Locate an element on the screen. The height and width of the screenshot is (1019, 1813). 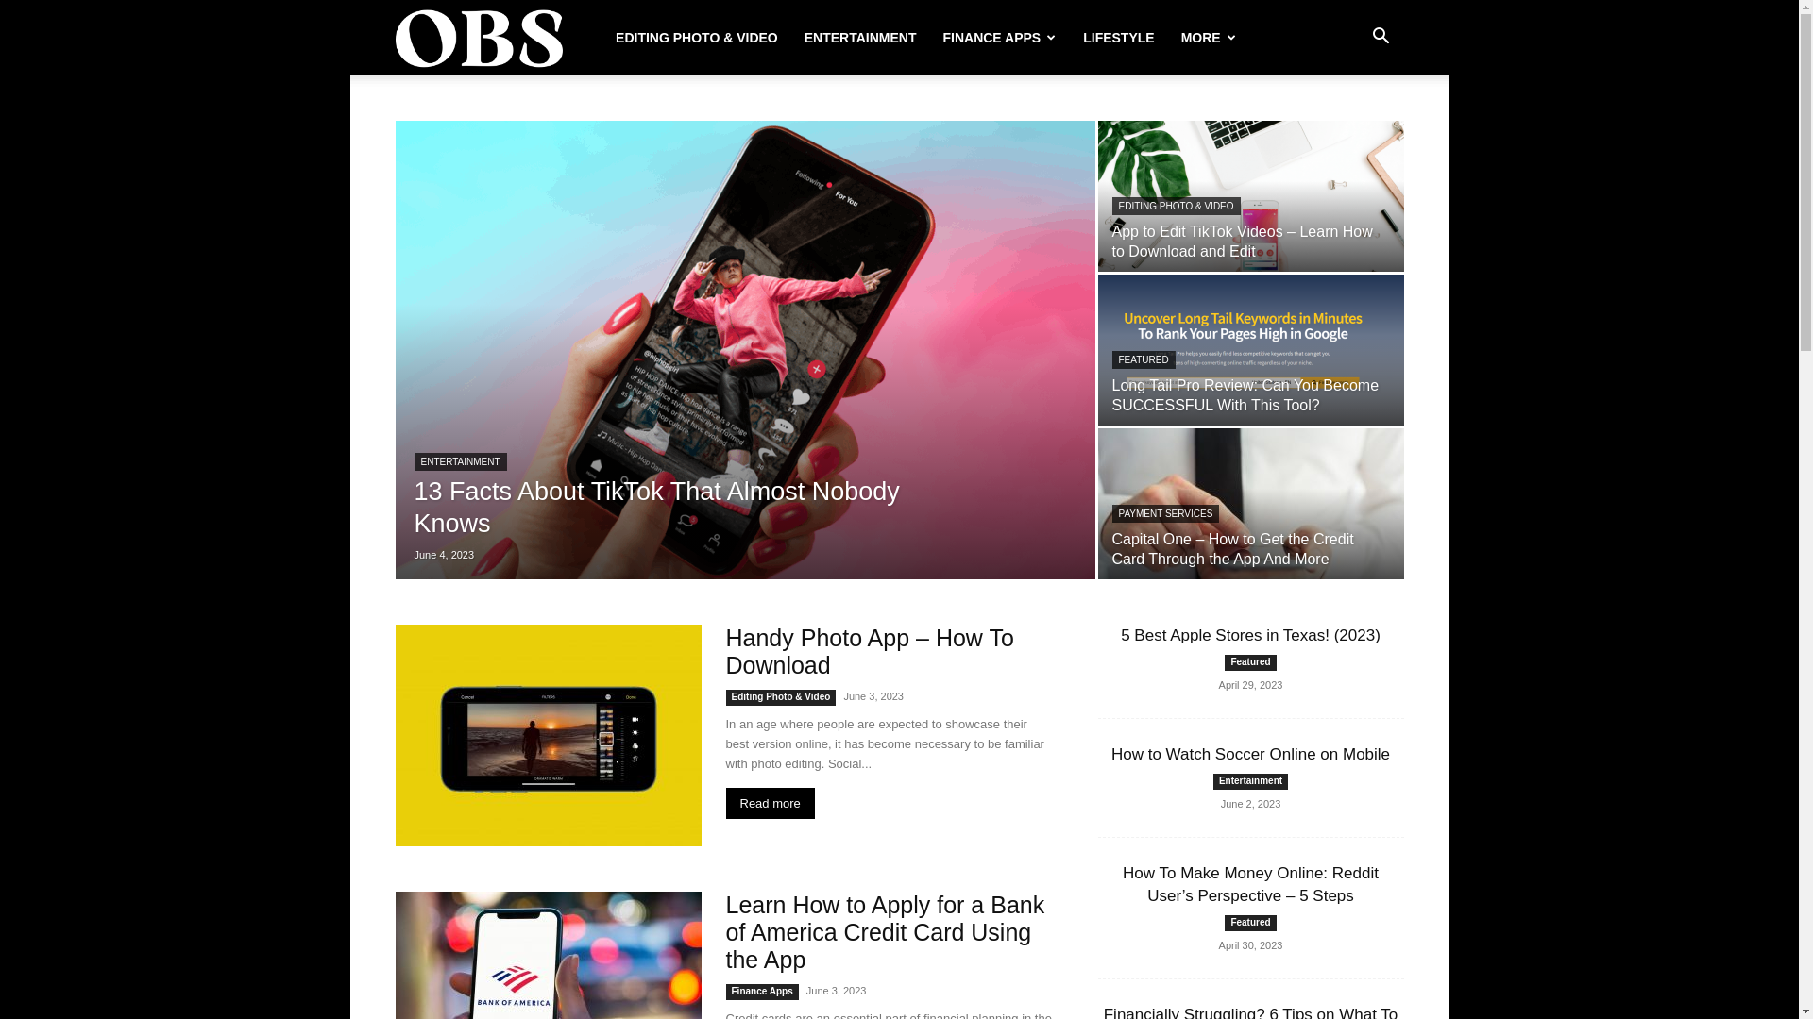
'Finance Apps' is located at coordinates (761, 991).